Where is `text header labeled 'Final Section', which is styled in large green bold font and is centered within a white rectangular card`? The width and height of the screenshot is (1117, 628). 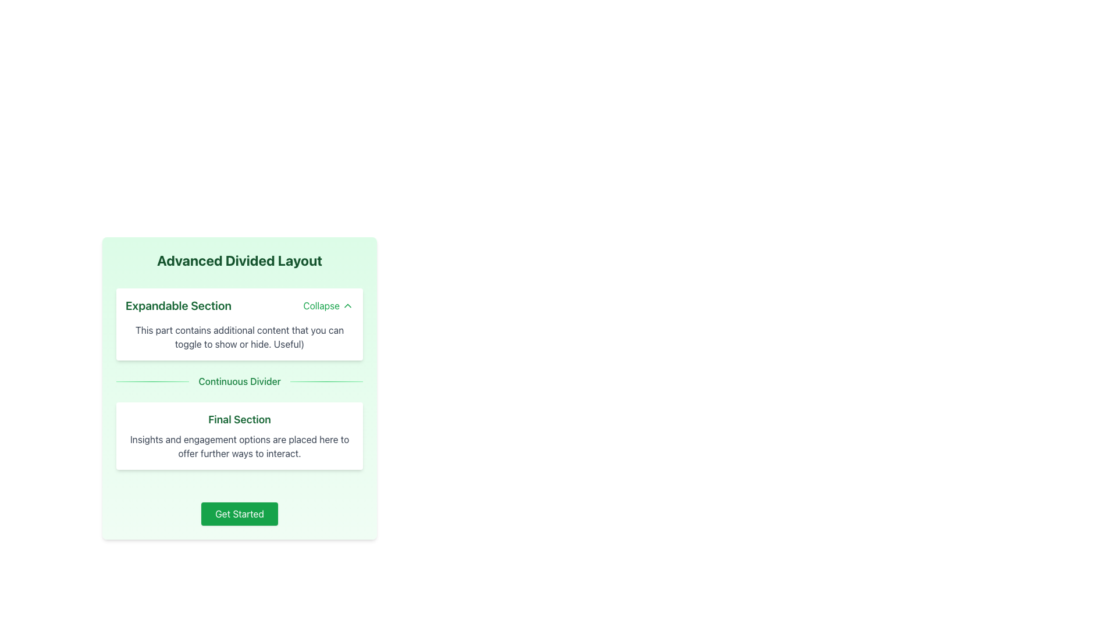 text header labeled 'Final Section', which is styled in large green bold font and is centered within a white rectangular card is located at coordinates (239, 419).